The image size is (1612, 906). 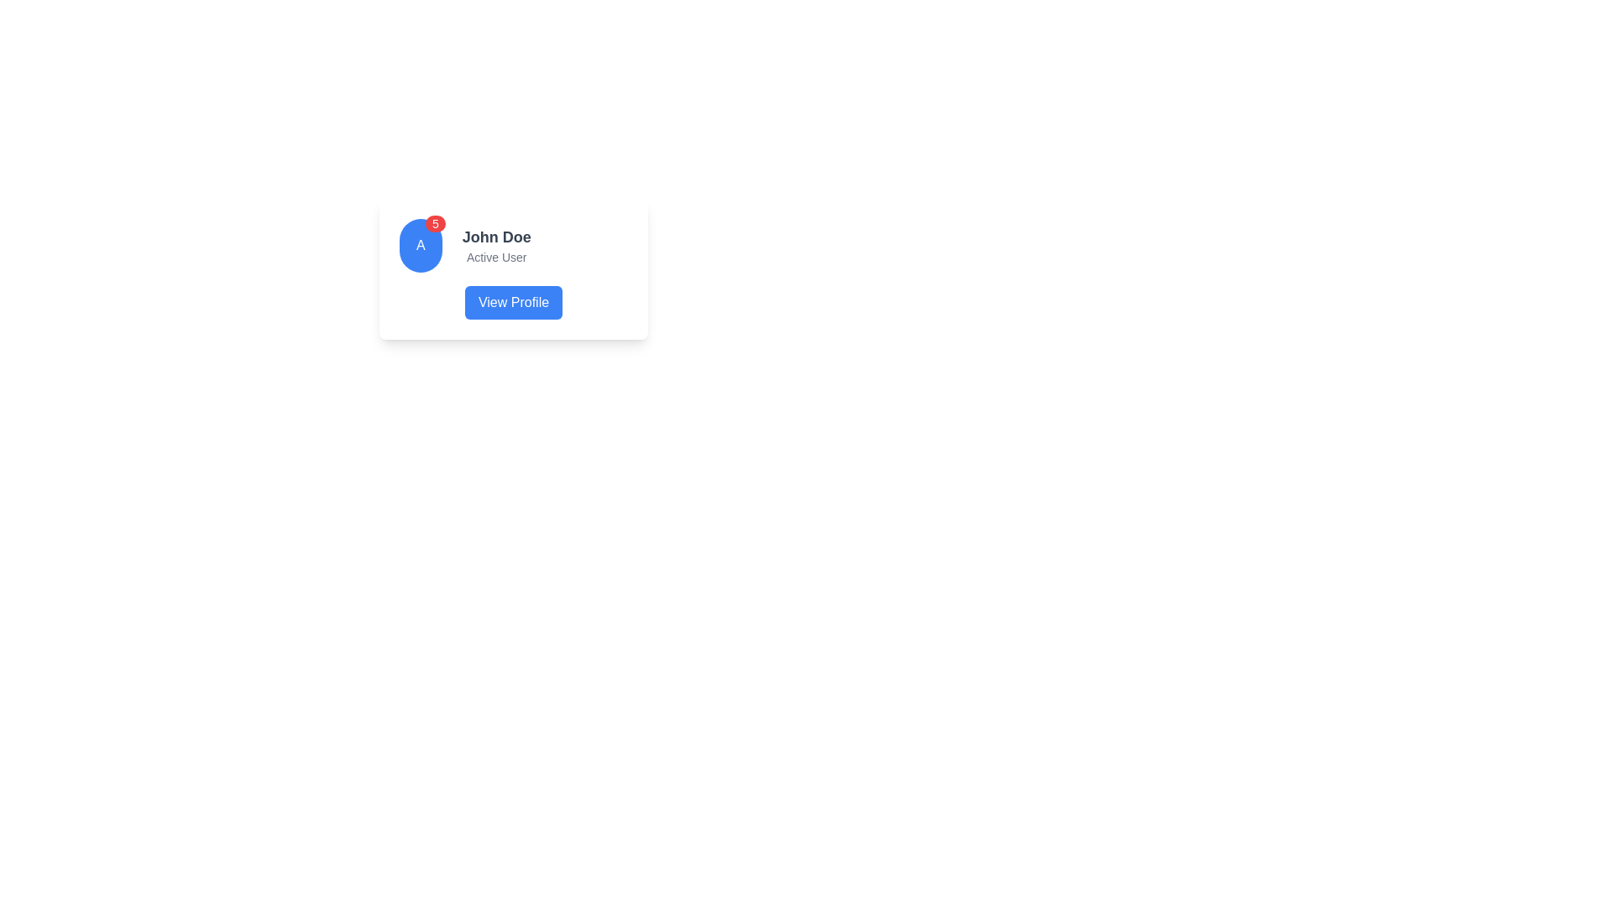 I want to click on text label displaying 'John Doe' and the status 'Active User' located in the central portion of the user card, to the right of the avatar and above the 'View Profile' button, so click(x=495, y=246).